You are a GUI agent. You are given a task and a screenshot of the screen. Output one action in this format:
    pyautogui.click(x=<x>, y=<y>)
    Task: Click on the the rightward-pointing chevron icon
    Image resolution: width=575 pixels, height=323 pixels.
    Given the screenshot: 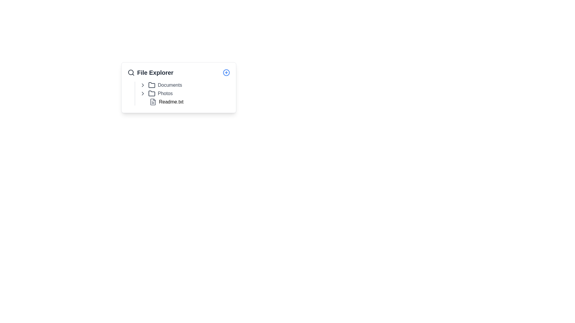 What is the action you would take?
    pyautogui.click(x=142, y=93)
    